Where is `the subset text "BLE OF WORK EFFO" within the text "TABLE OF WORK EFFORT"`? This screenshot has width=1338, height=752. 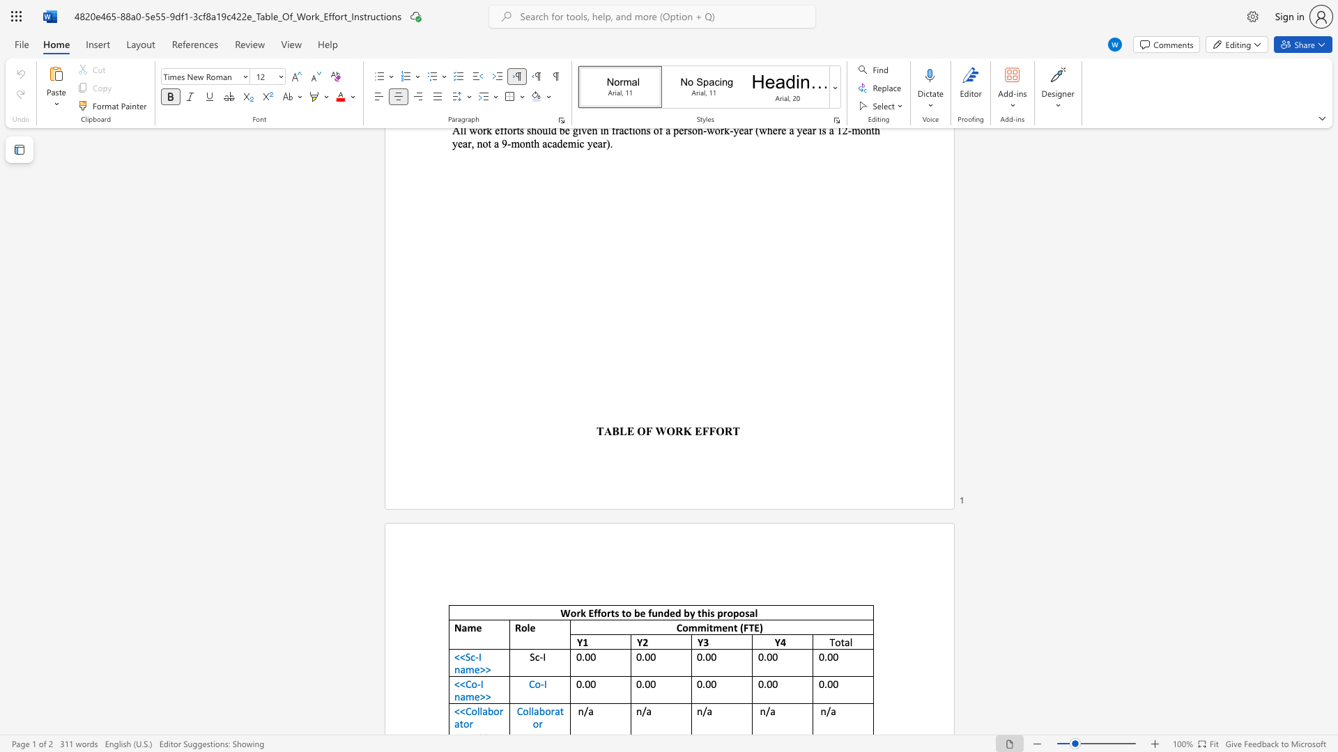
the subset text "BLE OF WORK EFFO" within the text "TABLE OF WORK EFFORT" is located at coordinates (612, 430).